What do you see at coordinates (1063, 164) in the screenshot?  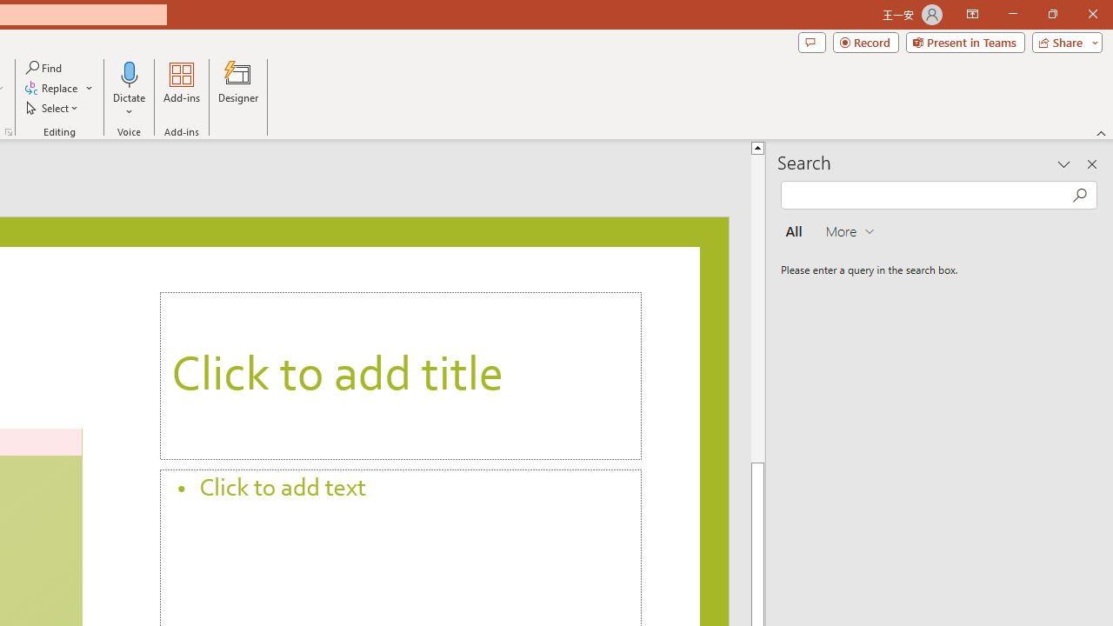 I see `'Task Pane Options'` at bounding box center [1063, 164].